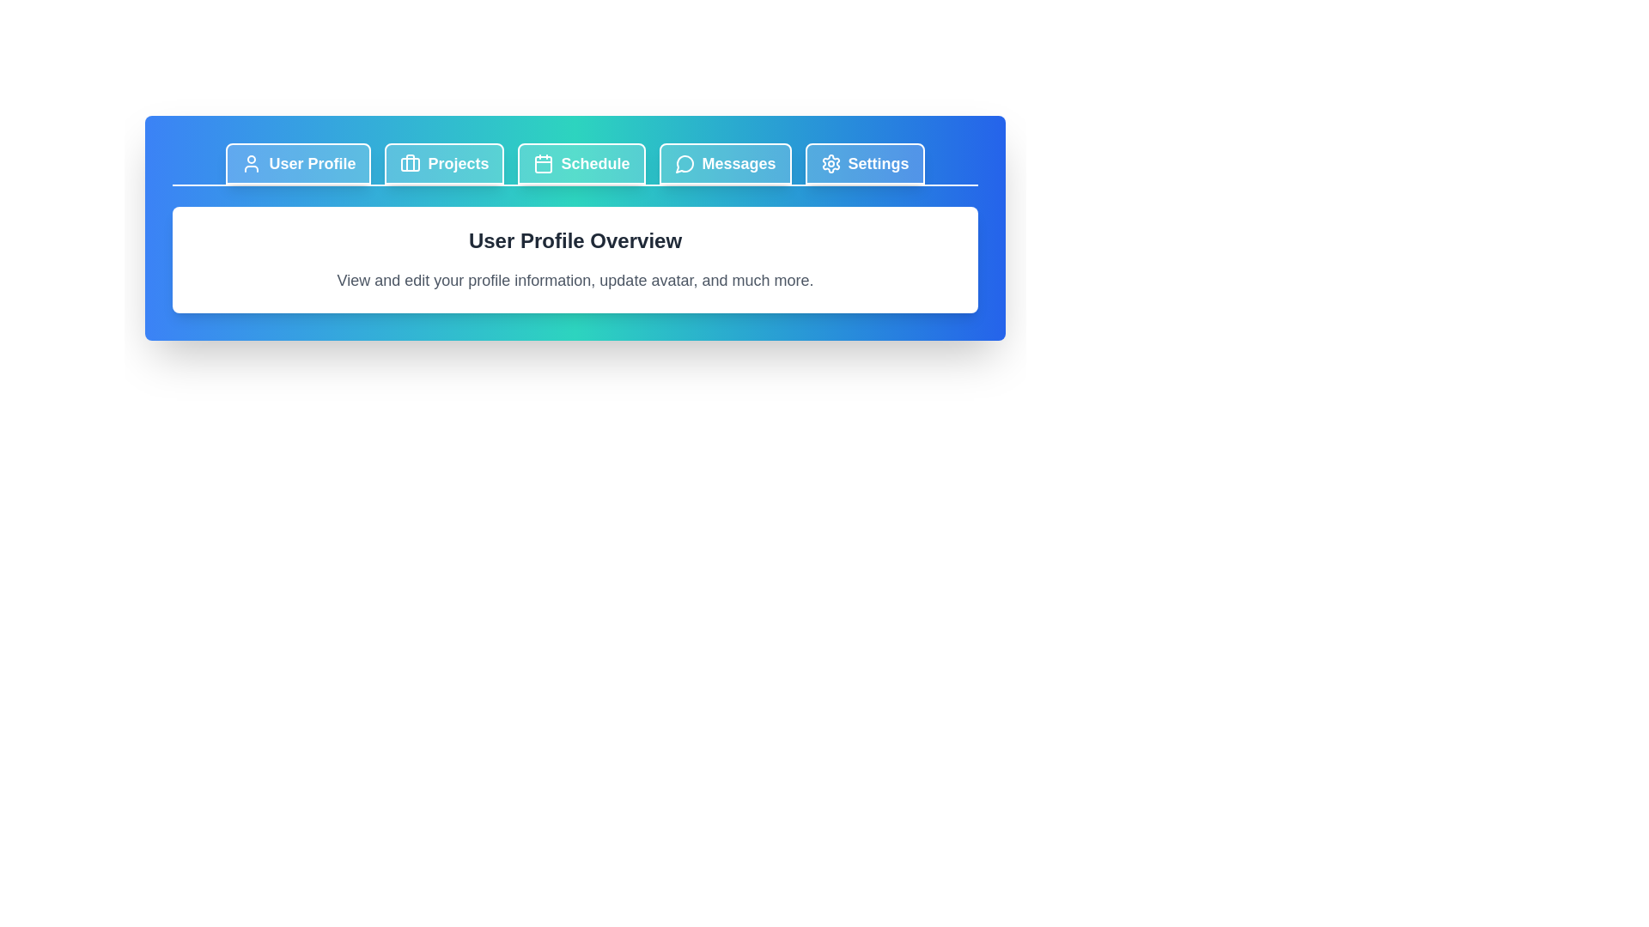 The height and width of the screenshot is (927, 1649). What do you see at coordinates (445, 164) in the screenshot?
I see `the 'Projects' button in the navigation bar` at bounding box center [445, 164].